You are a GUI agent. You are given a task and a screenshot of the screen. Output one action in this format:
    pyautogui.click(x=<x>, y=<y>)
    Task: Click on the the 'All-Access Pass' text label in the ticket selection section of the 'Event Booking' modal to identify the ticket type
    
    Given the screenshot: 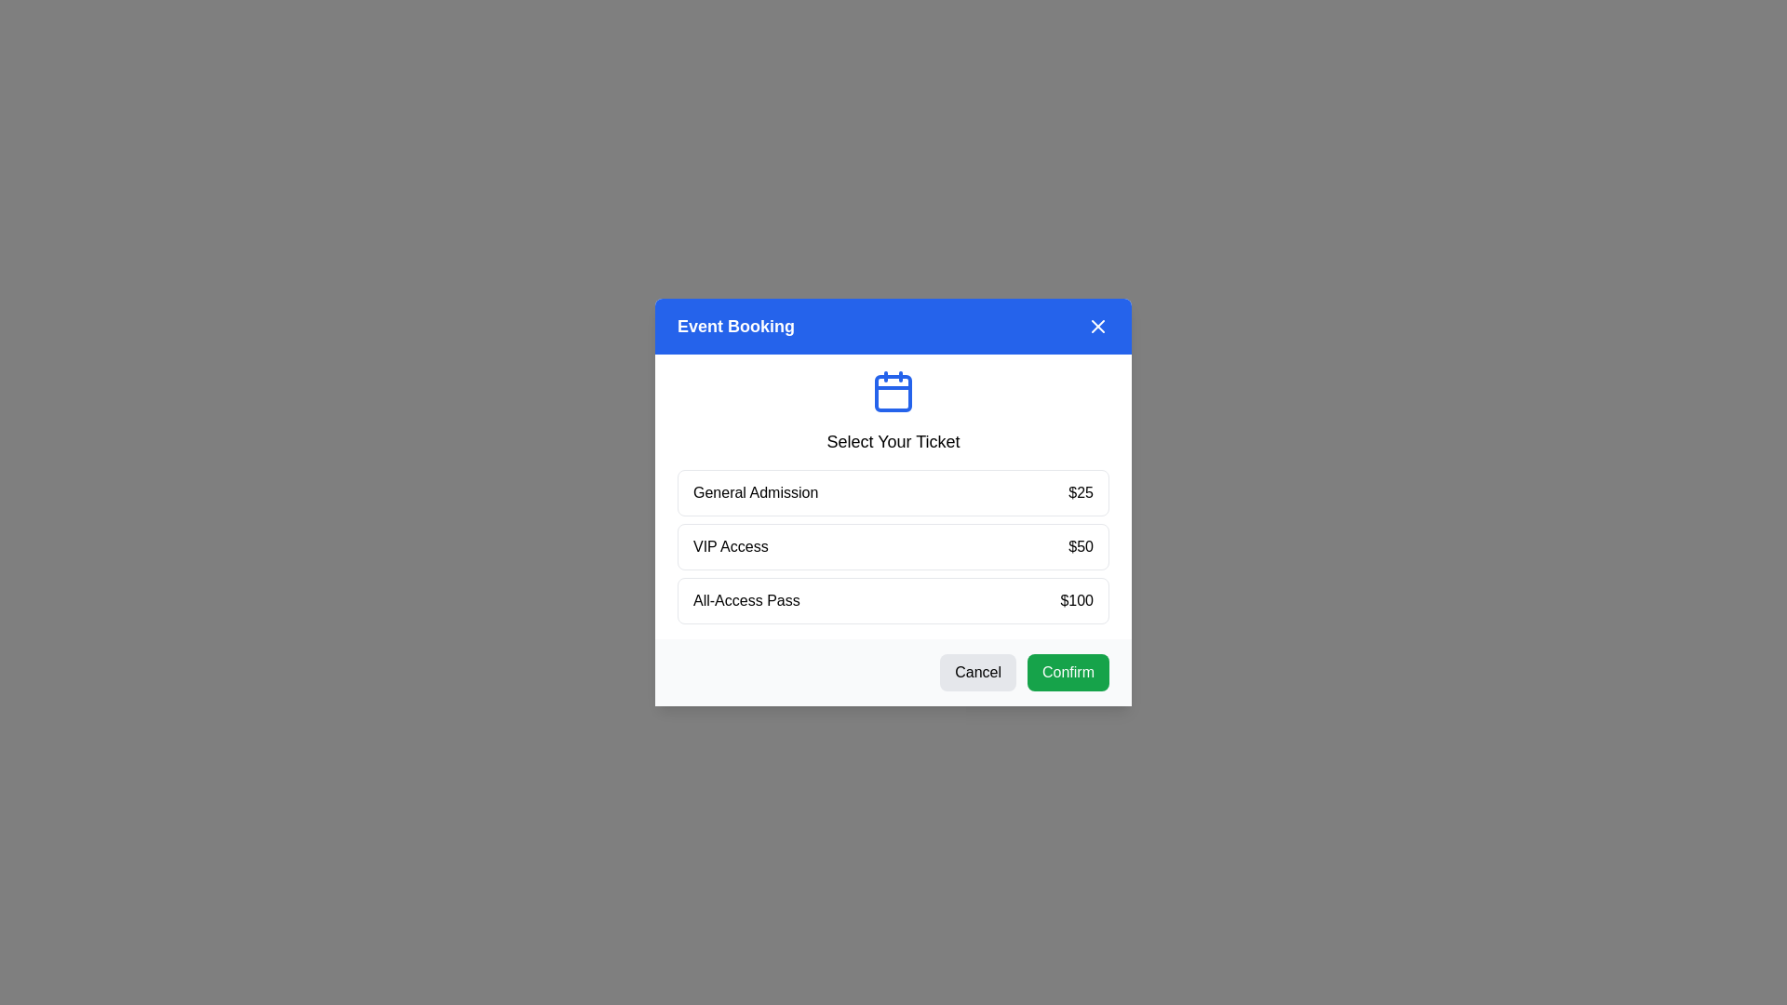 What is the action you would take?
    pyautogui.click(x=746, y=600)
    